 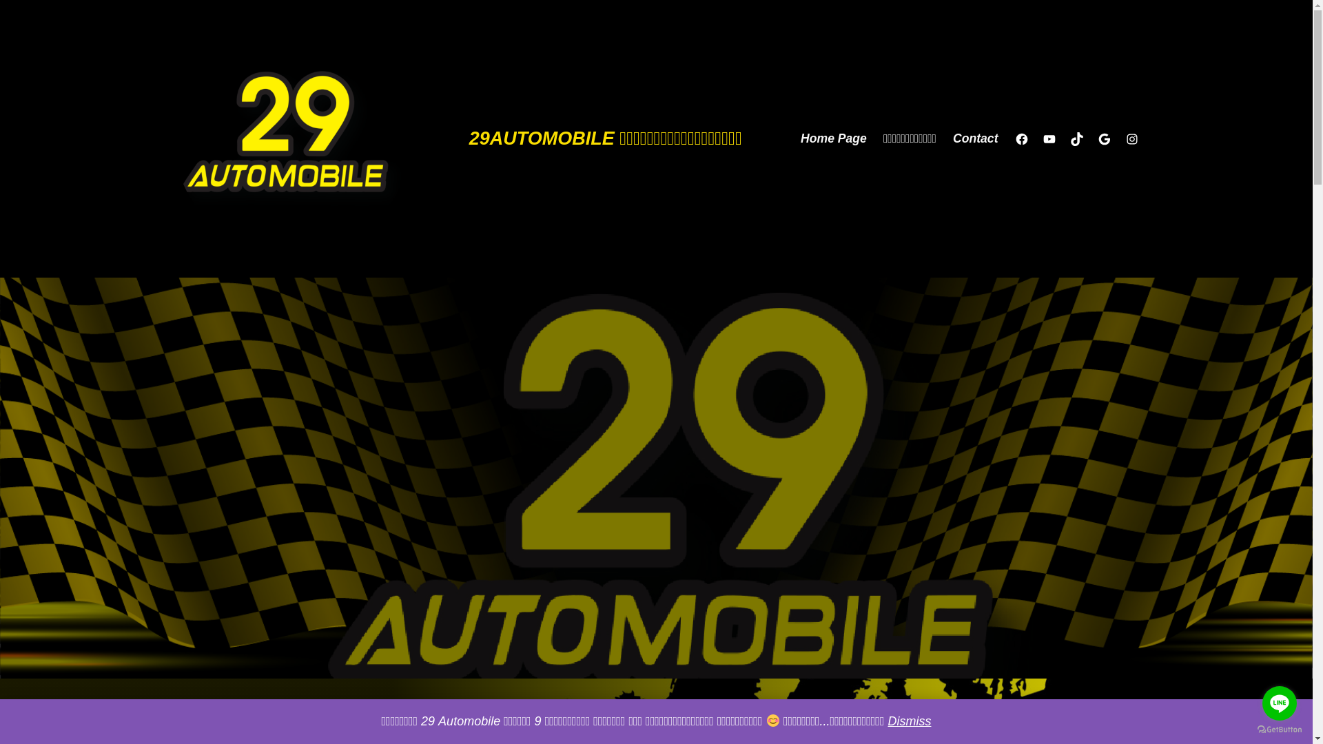 I want to click on 'Home Page', so click(x=832, y=138).